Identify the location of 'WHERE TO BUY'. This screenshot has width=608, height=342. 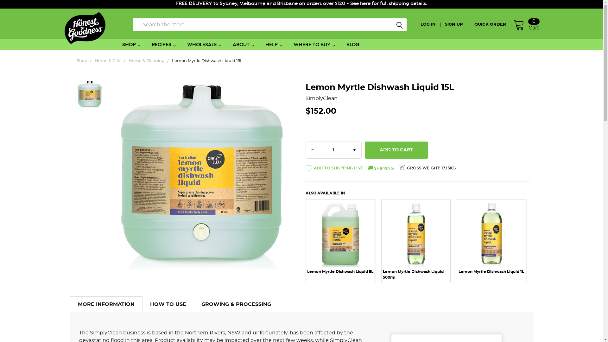
(314, 44).